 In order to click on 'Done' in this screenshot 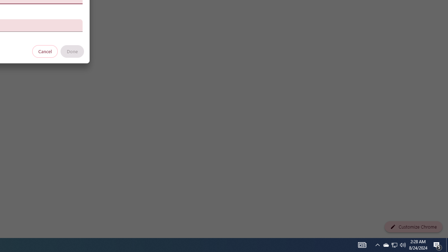, I will do `click(72, 51)`.